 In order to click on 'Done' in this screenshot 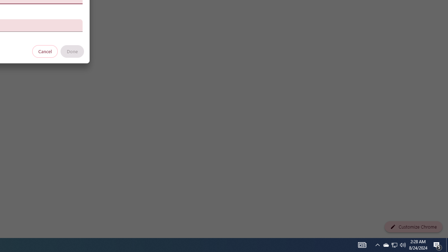, I will do `click(72, 51)`.